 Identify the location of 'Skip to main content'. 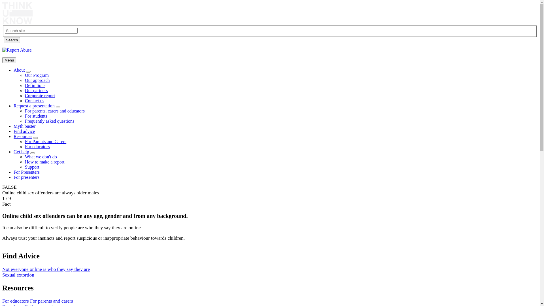
(2, 2).